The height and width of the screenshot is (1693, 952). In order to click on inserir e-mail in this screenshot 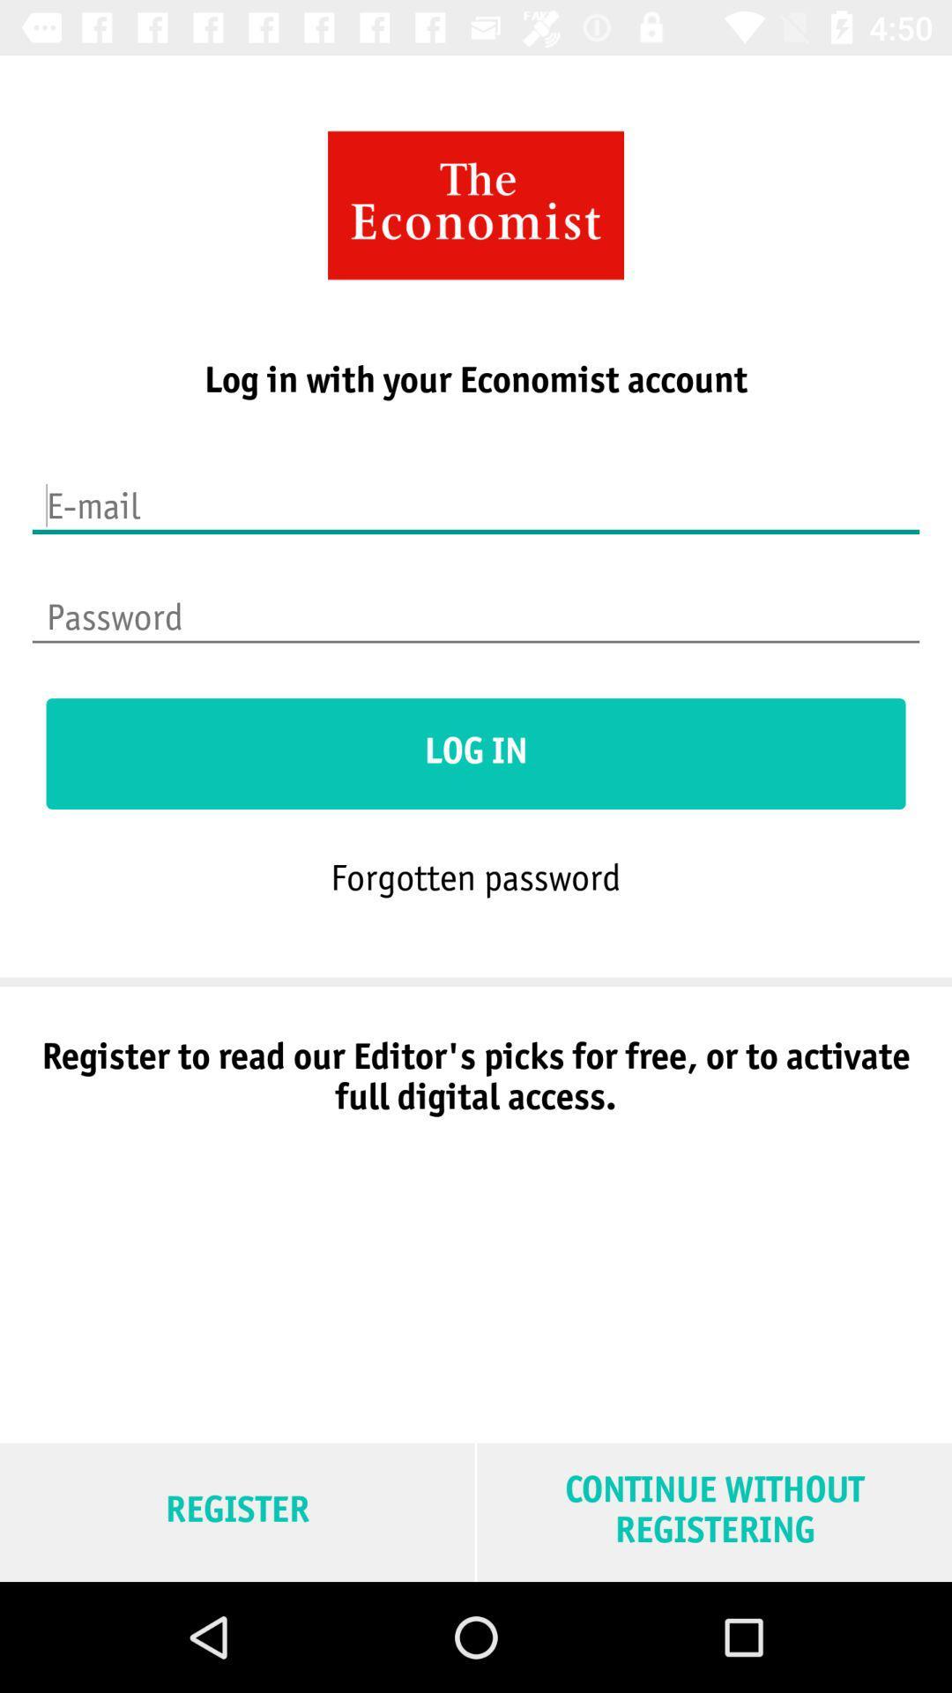, I will do `click(476, 494)`.